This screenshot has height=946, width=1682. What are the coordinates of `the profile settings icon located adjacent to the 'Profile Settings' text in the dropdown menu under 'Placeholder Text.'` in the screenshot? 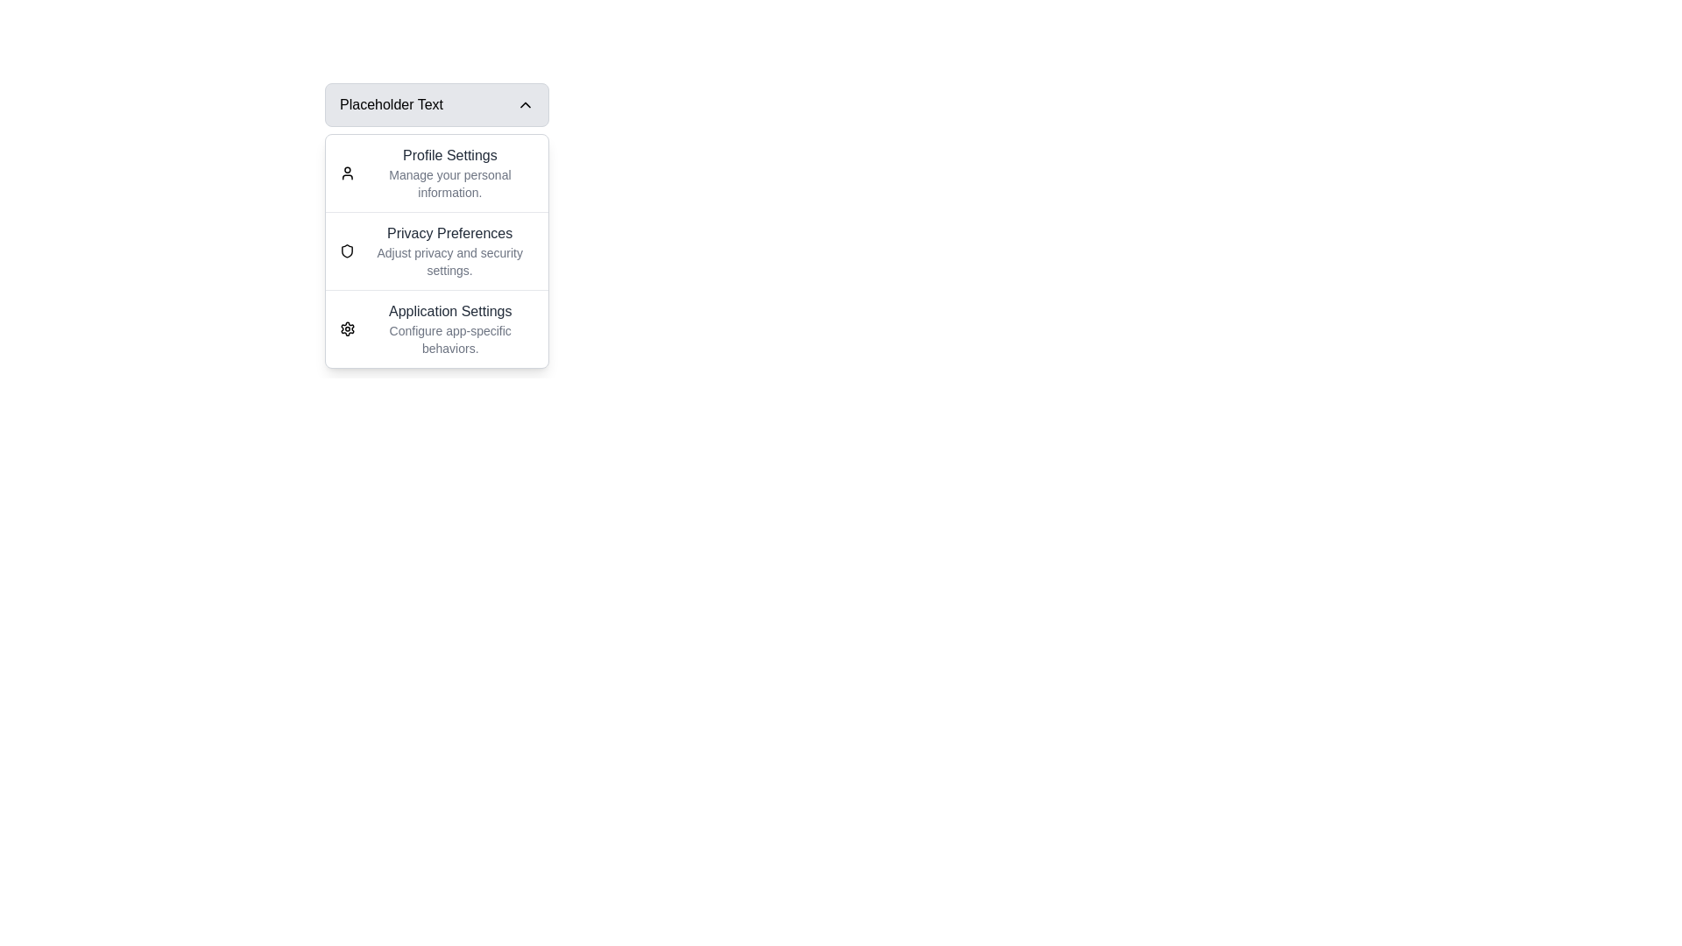 It's located at (347, 173).